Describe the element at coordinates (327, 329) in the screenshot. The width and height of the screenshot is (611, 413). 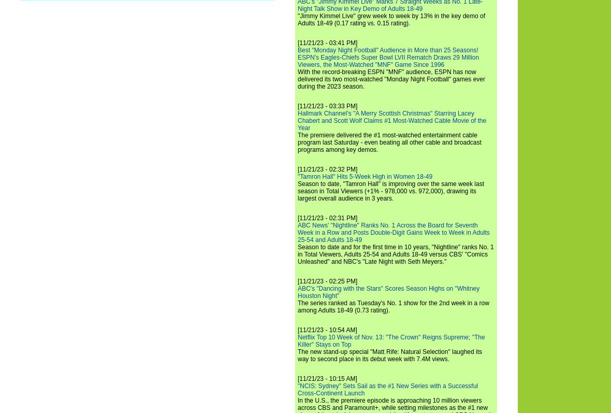
I see `'[11/21/23 - 10:54 AM]'` at that location.